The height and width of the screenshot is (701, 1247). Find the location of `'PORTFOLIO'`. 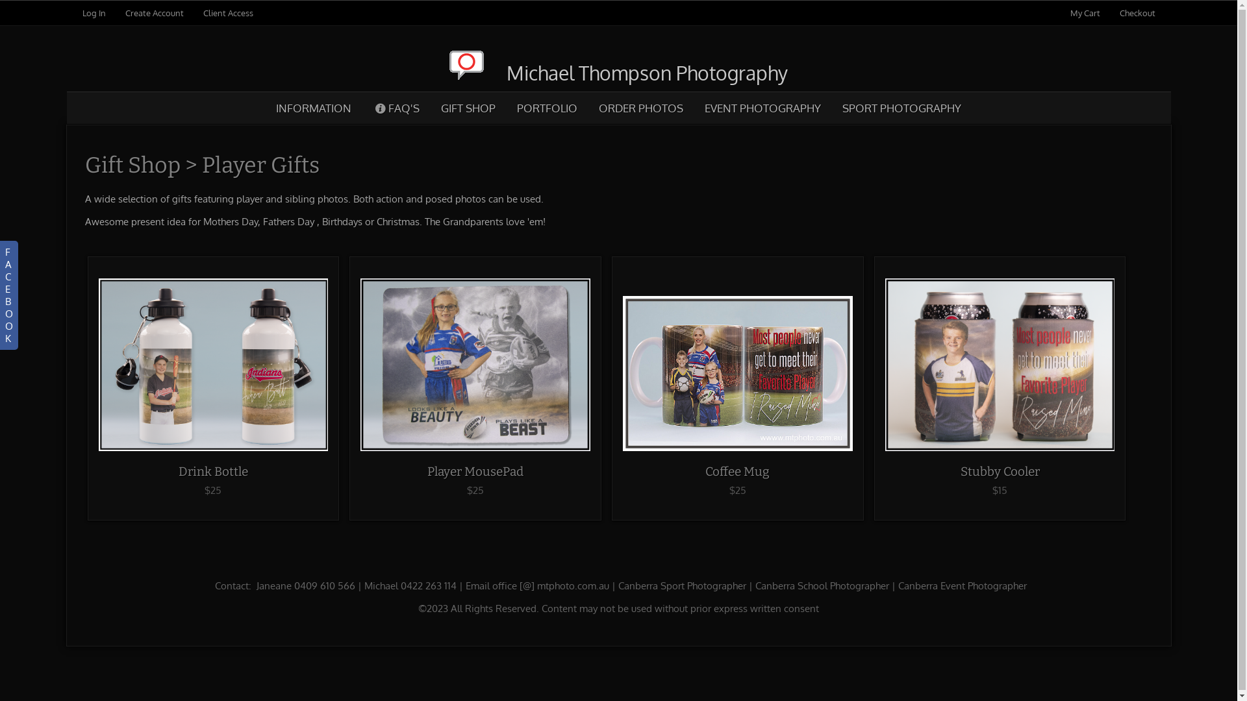

'PORTFOLIO' is located at coordinates (546, 107).